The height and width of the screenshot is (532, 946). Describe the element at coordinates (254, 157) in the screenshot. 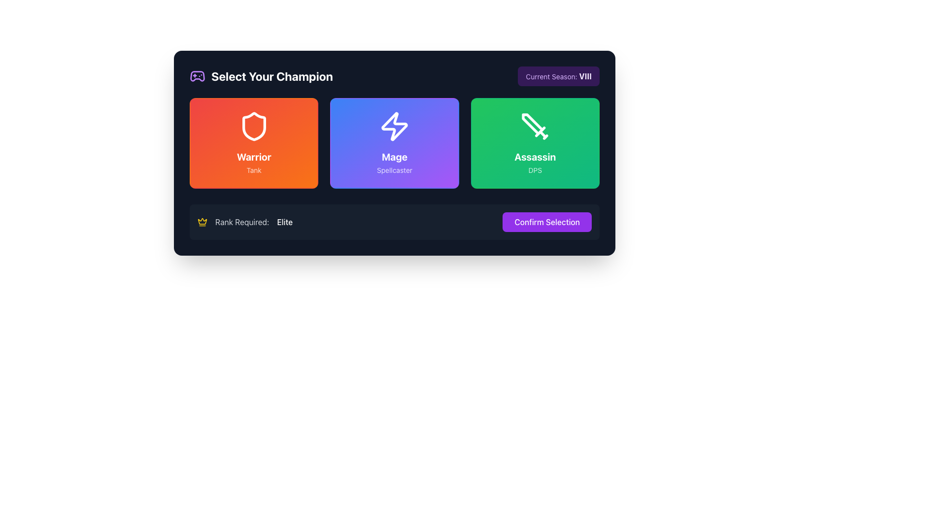

I see `the text label displaying the title of the 'Warrior' character class, located at the center-top of the 'Warrior Tank' card` at that location.